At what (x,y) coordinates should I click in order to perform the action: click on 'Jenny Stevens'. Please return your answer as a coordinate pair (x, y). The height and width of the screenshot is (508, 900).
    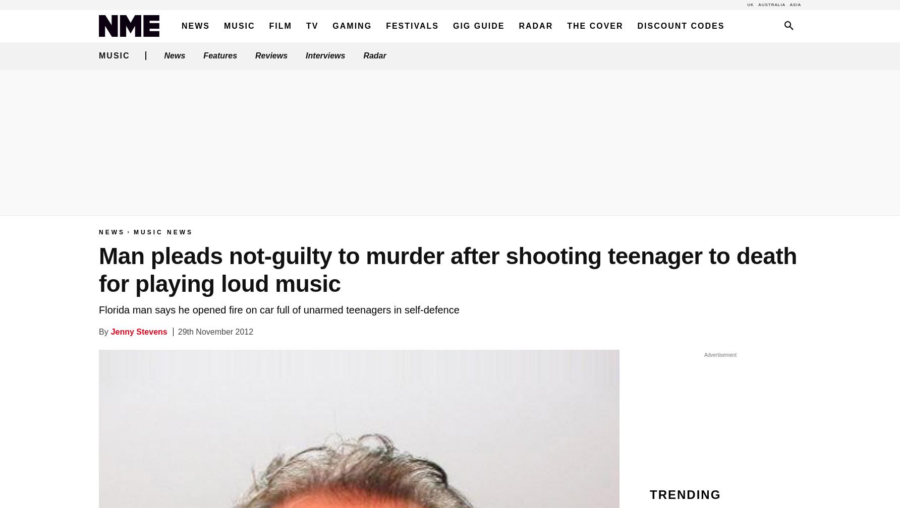
    Looking at the image, I should click on (138, 332).